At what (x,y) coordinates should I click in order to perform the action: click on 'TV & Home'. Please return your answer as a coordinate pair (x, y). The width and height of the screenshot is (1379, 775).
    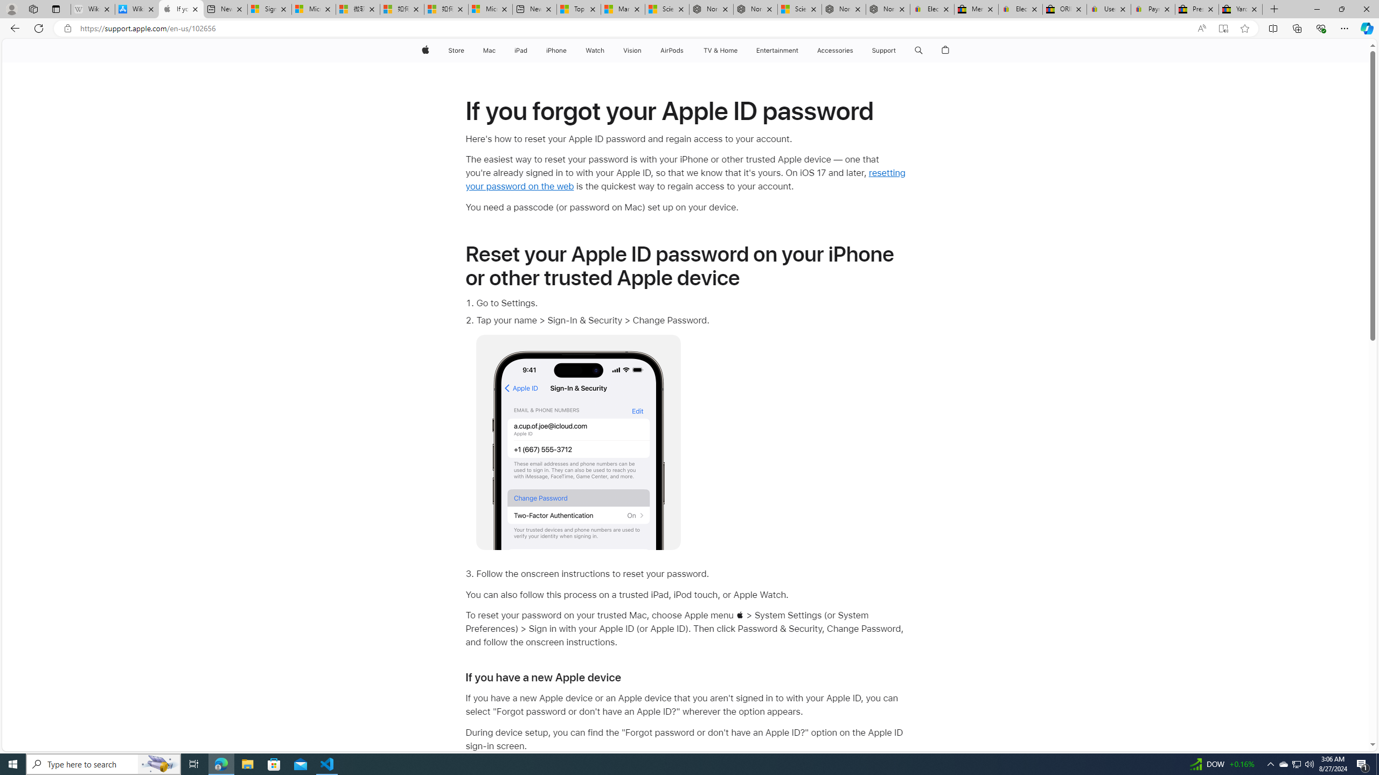
    Looking at the image, I should click on (720, 50).